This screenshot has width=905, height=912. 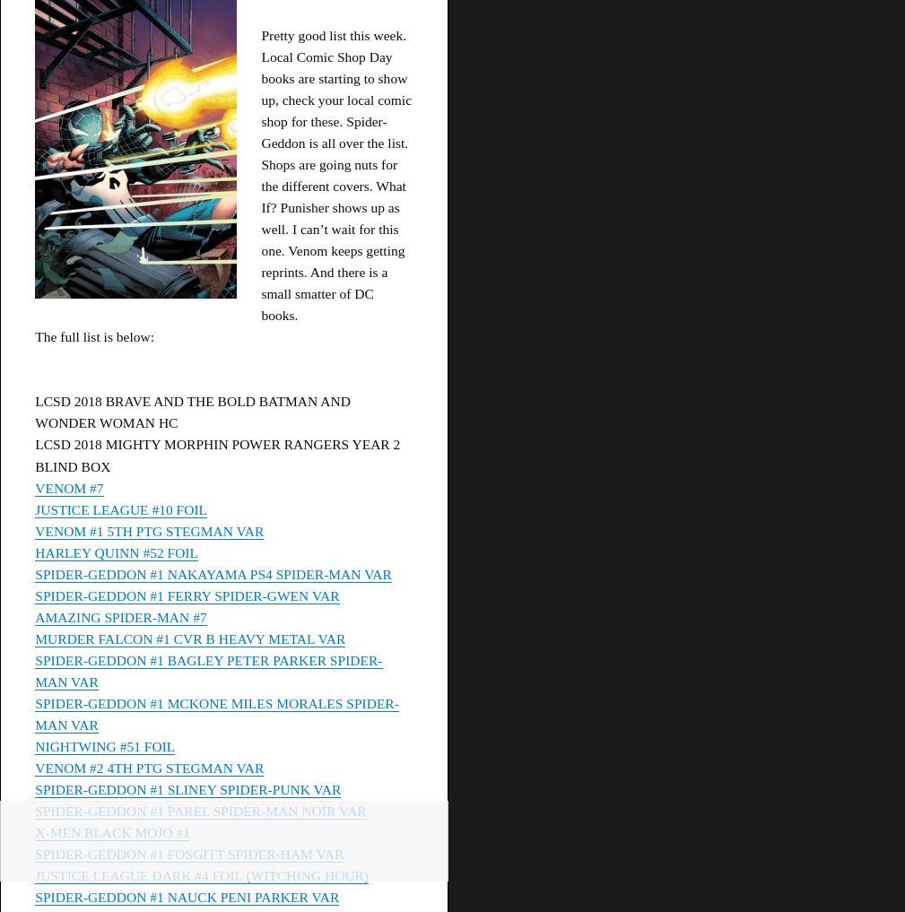 What do you see at coordinates (186, 595) in the screenshot?
I see `'SPIDER-GEDDON #1 FERRY SPIDER-GWEN VAR'` at bounding box center [186, 595].